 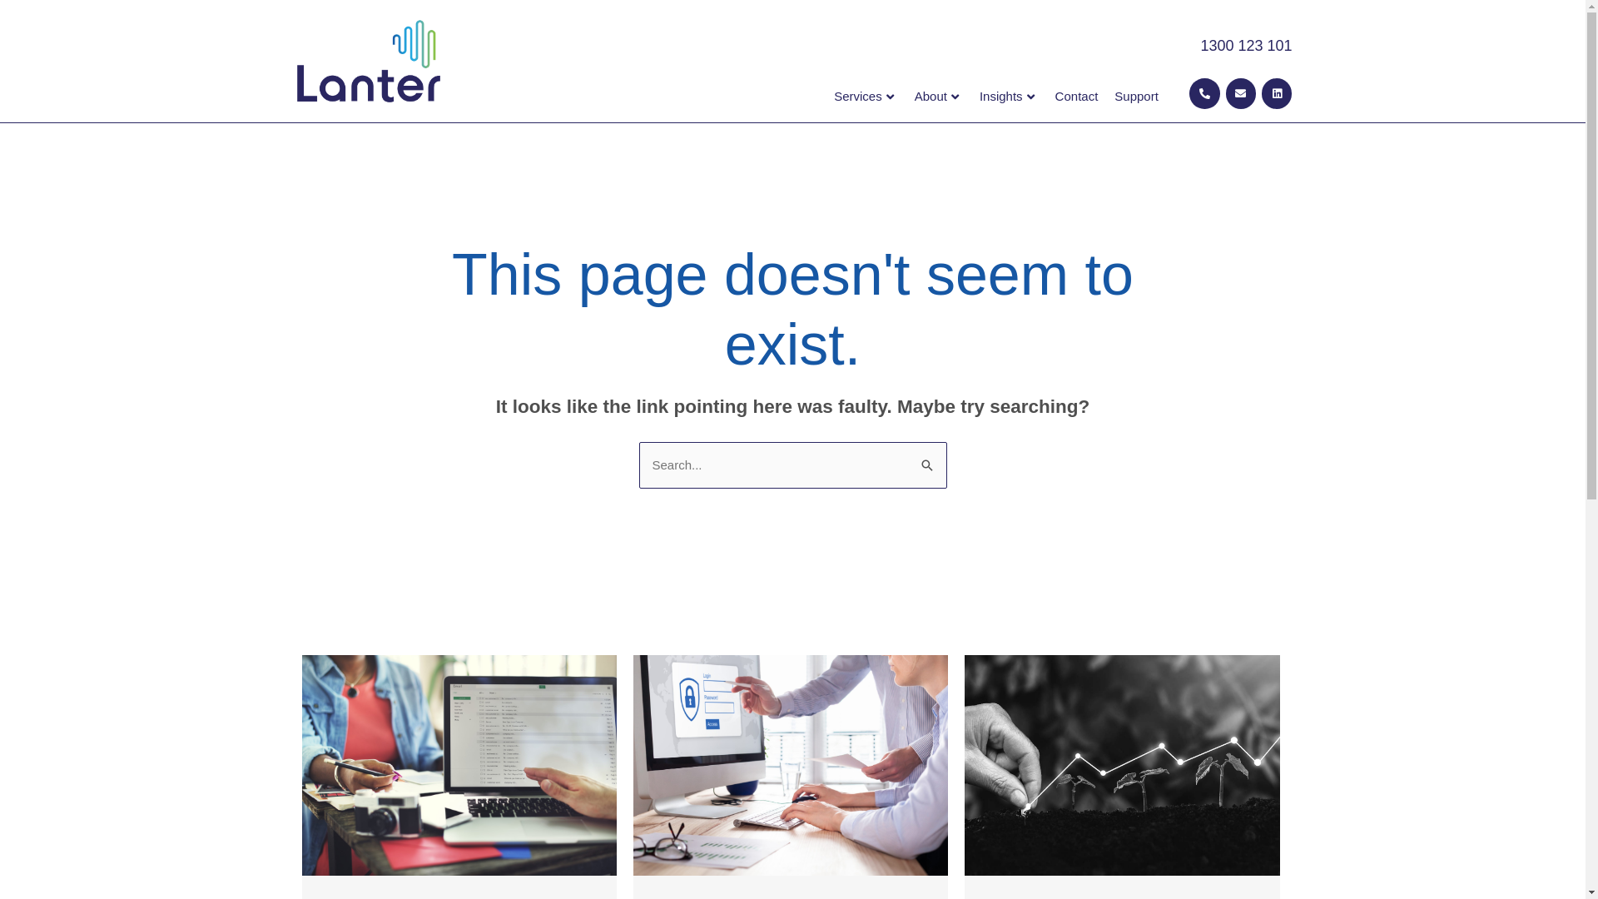 What do you see at coordinates (926, 459) in the screenshot?
I see `'Search'` at bounding box center [926, 459].